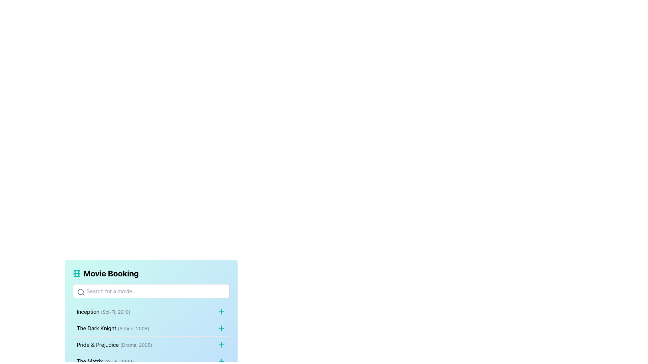  What do you see at coordinates (151, 312) in the screenshot?
I see `the first movie listing item` at bounding box center [151, 312].